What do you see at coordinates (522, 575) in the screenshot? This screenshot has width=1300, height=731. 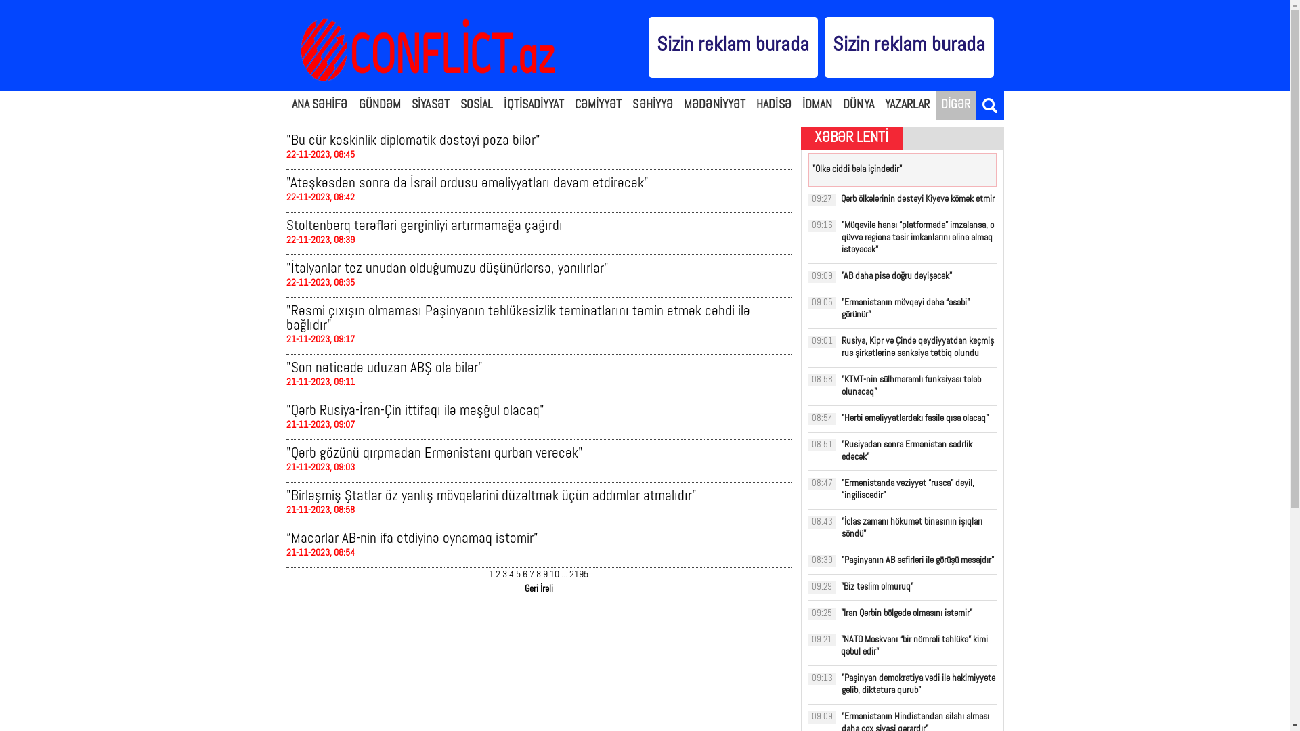 I see `'6'` at bounding box center [522, 575].